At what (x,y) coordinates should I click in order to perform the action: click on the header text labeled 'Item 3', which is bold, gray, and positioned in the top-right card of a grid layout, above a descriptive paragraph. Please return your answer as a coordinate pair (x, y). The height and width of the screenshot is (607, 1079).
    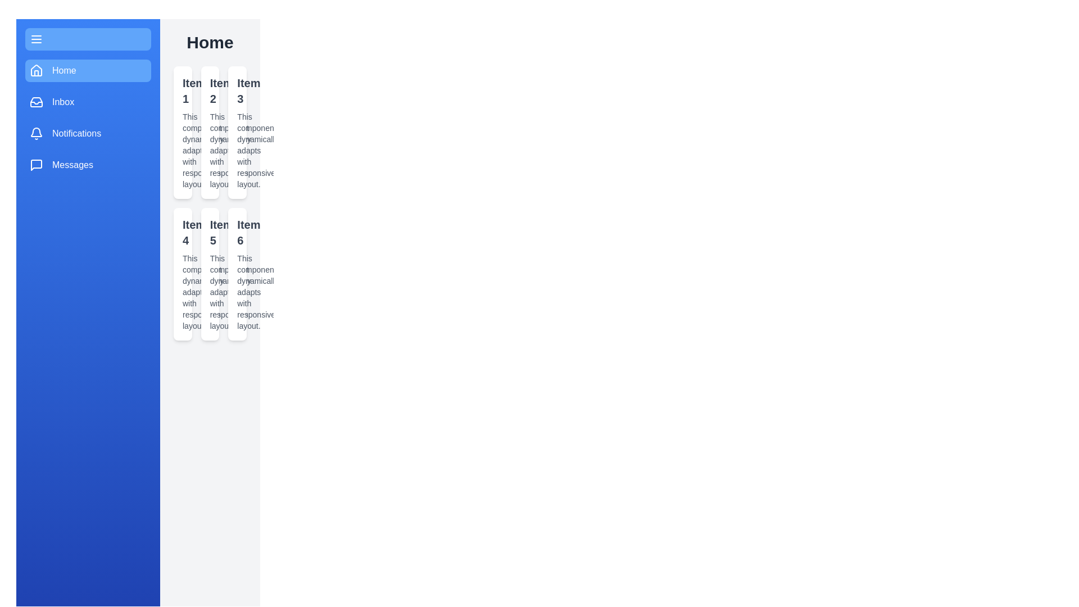
    Looking at the image, I should click on (237, 90).